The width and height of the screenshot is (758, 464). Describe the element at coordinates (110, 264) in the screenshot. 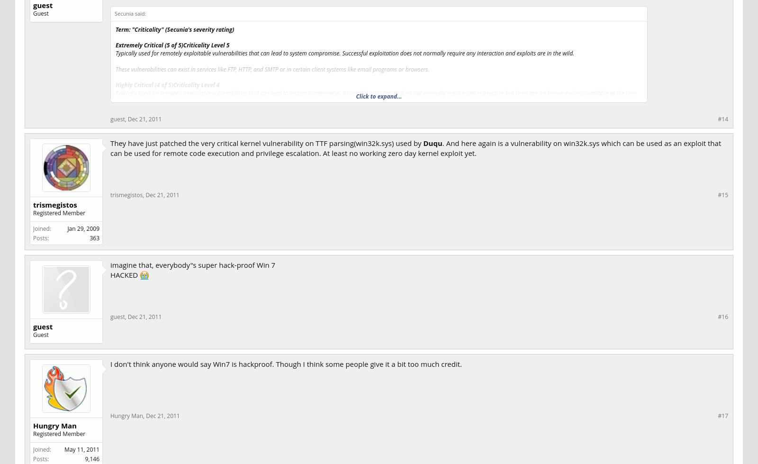

I see `'imagine that, everybody"s super hack-proof Win 7'` at that location.